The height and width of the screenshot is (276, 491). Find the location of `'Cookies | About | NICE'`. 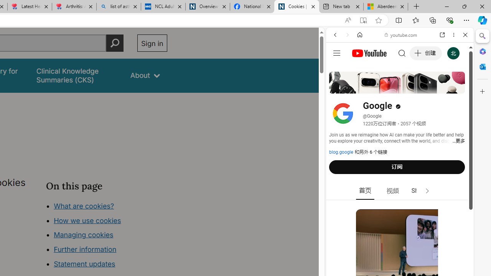

'Cookies | About | NICE' is located at coordinates (296, 7).